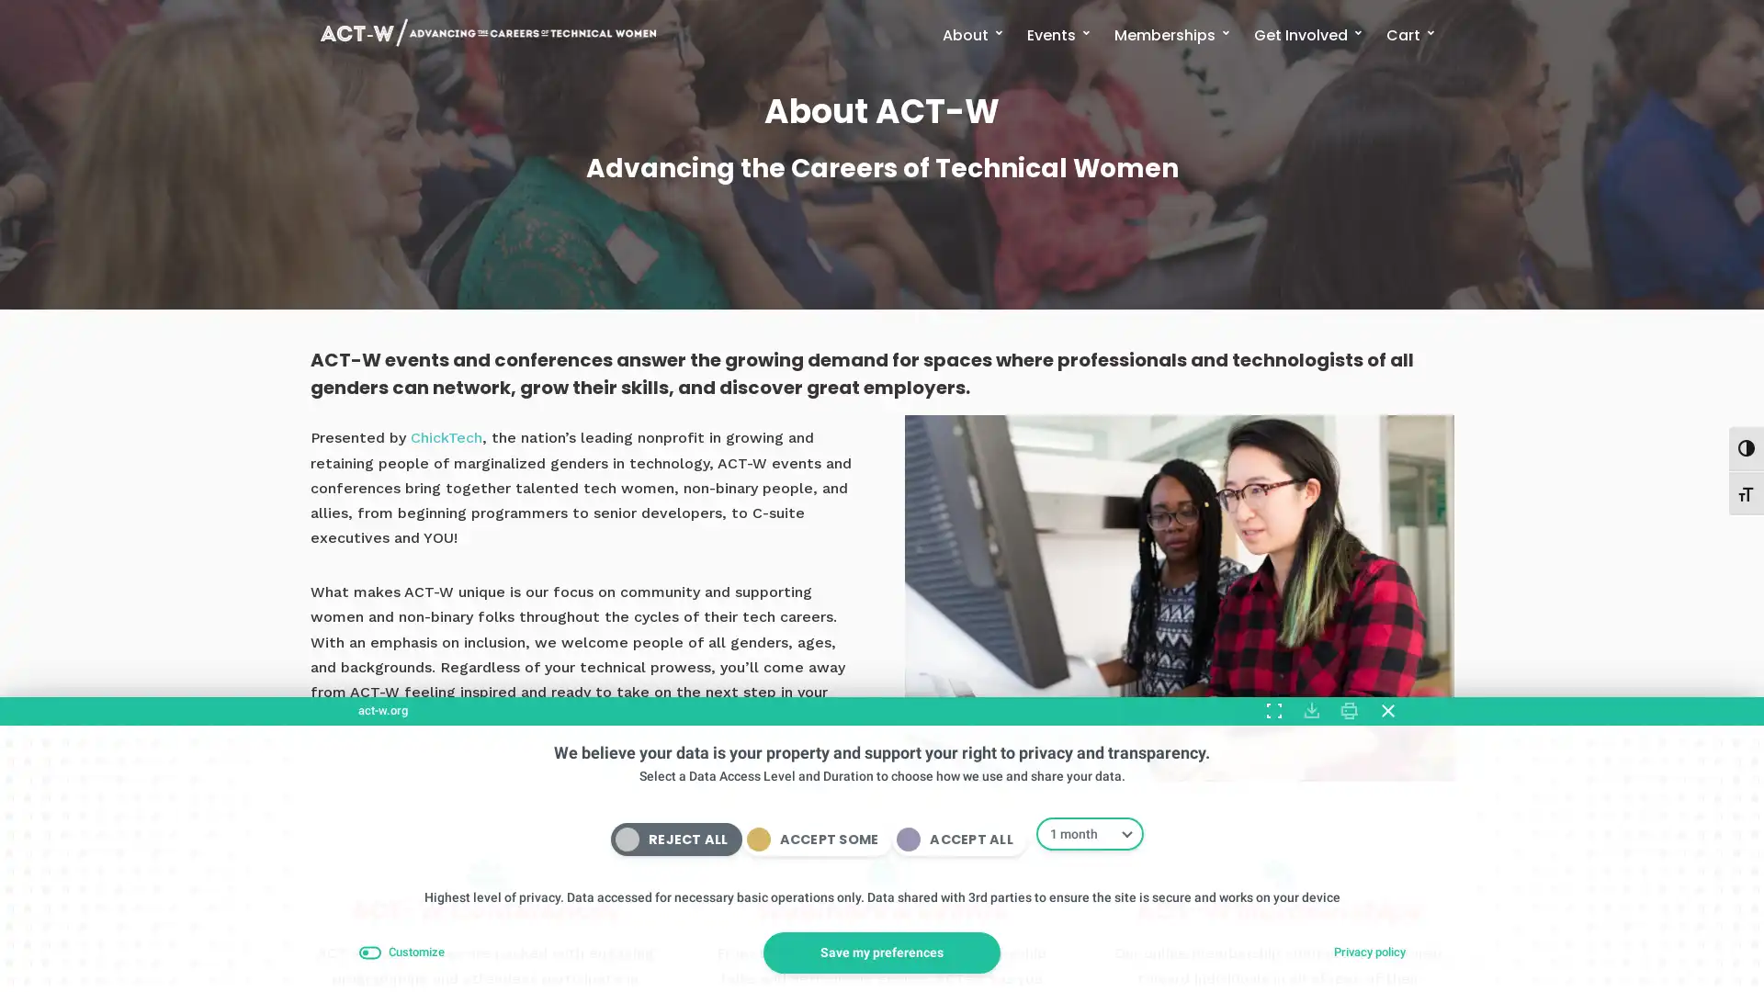 The width and height of the screenshot is (1764, 992). Describe the element at coordinates (882, 952) in the screenshot. I see `Save my preferences` at that location.